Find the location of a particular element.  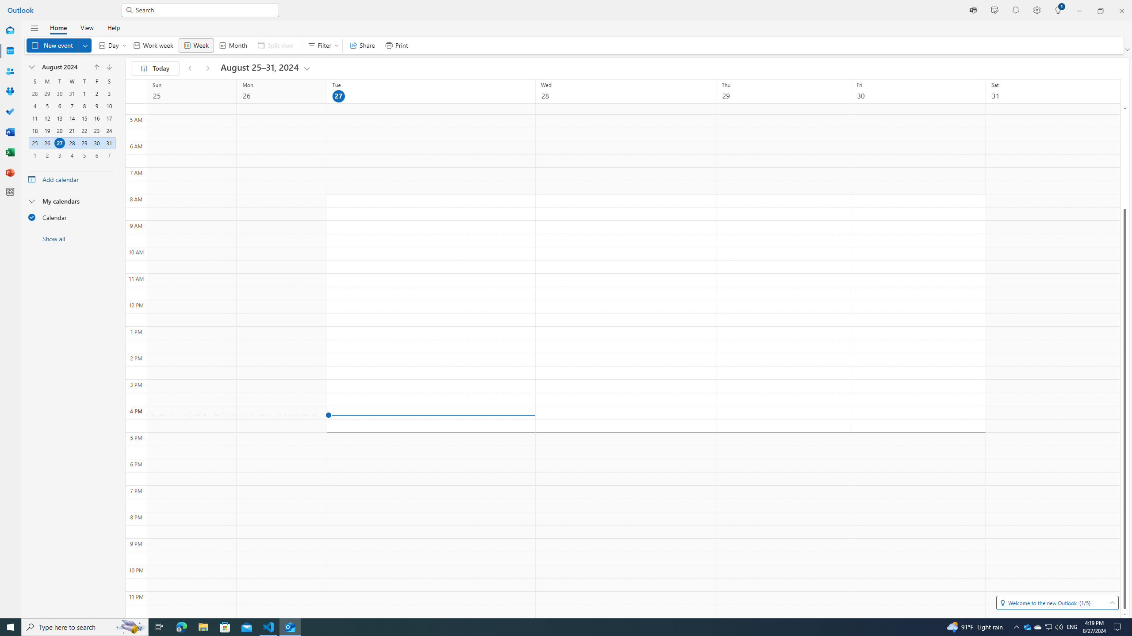

'16, August, 2024' is located at coordinates (96, 118).